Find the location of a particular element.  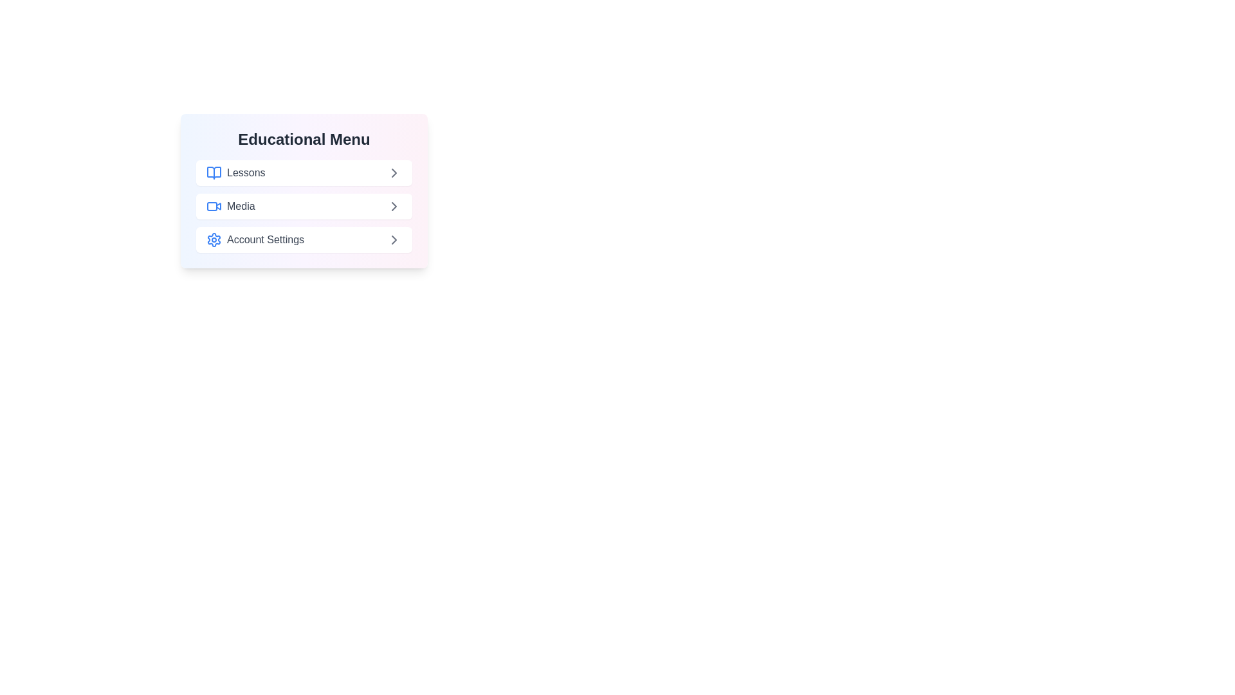

the chevron icon at the rightmost edge of the 'Account Settings' row is located at coordinates (394, 240).